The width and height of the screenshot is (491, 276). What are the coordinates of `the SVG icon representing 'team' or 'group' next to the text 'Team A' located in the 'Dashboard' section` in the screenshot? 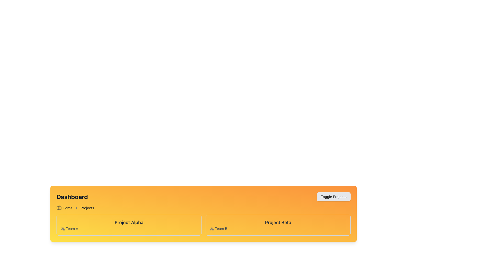 It's located at (62, 228).